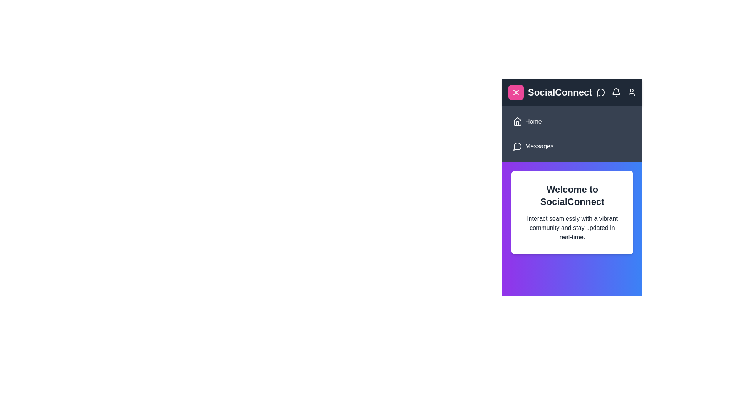 The image size is (740, 416). Describe the element at coordinates (533, 121) in the screenshot. I see `the 'Home' menu item in the navigation panel` at that location.